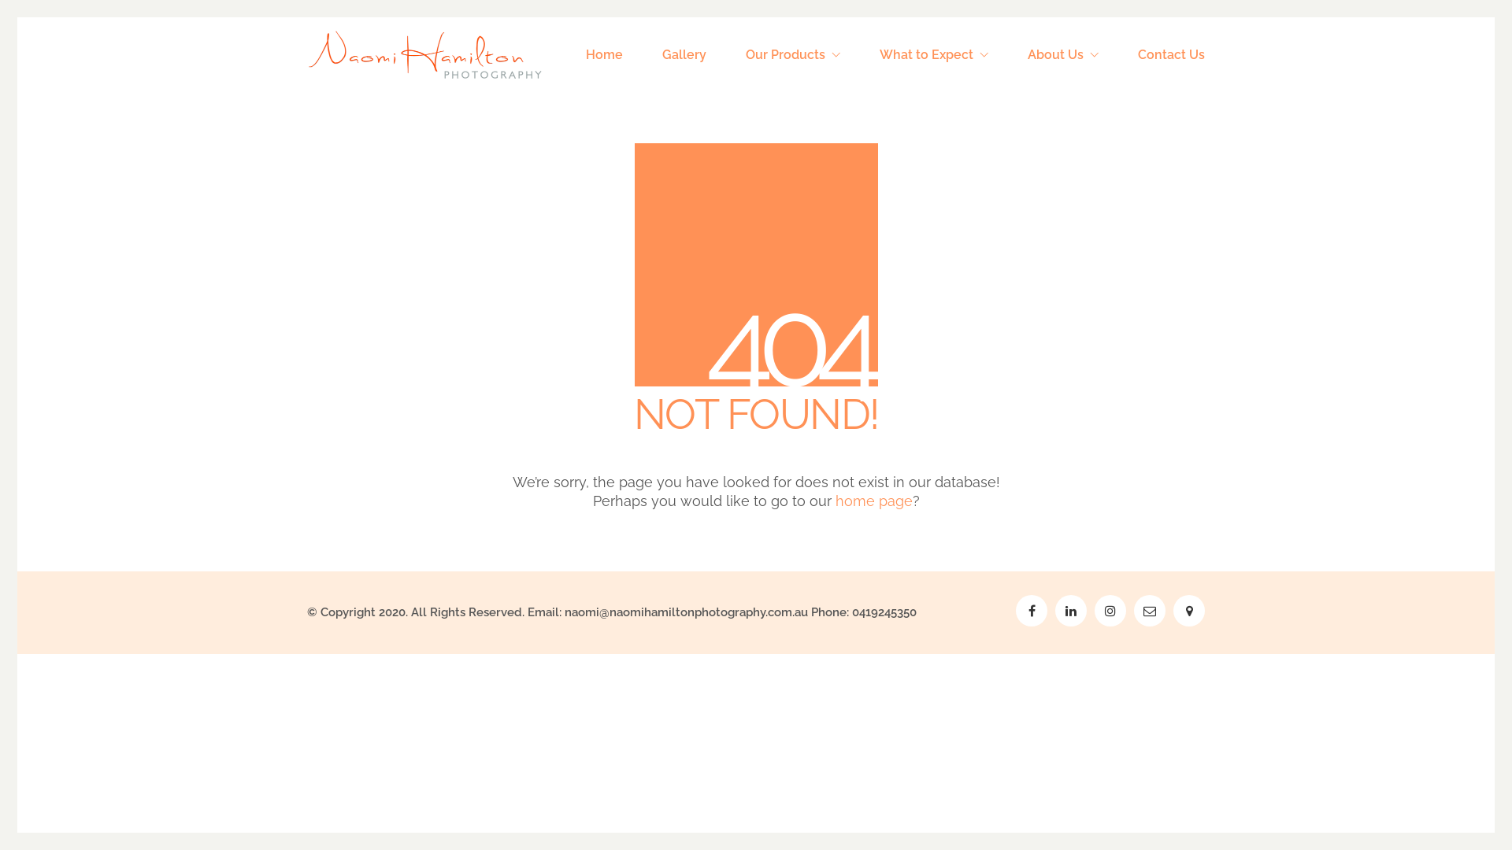 Image resolution: width=1512 pixels, height=850 pixels. I want to click on 'home page', so click(872, 501).